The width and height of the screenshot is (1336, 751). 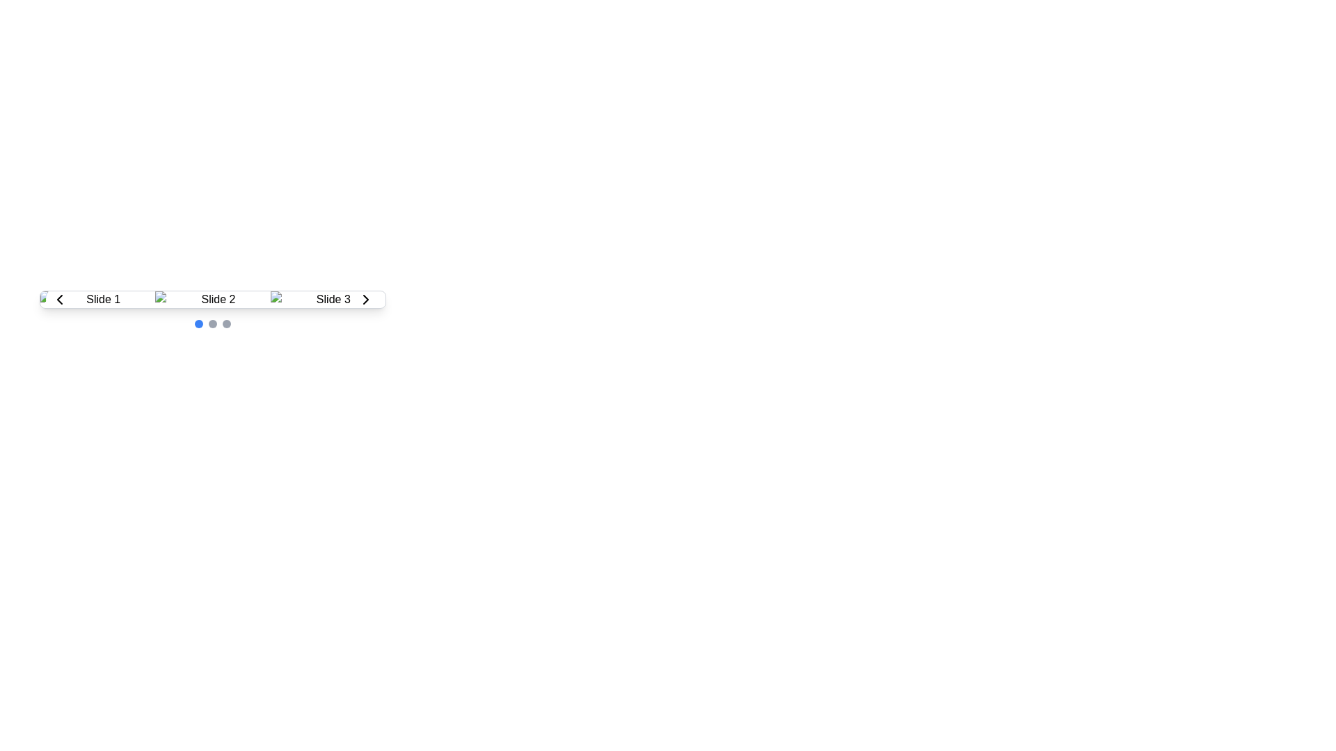 What do you see at coordinates (59, 299) in the screenshot?
I see `the circular button with a white background and a black left-pointing arrow icon` at bounding box center [59, 299].